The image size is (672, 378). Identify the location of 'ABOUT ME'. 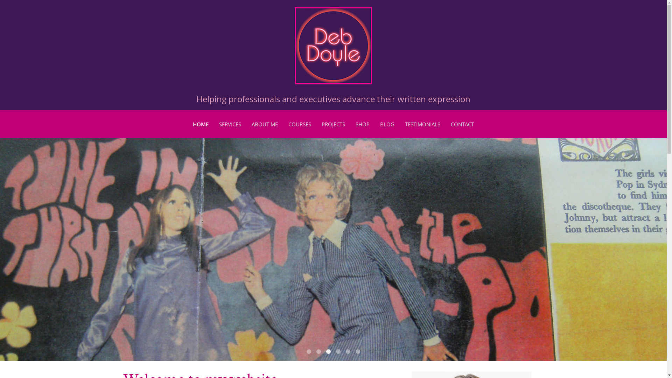
(264, 124).